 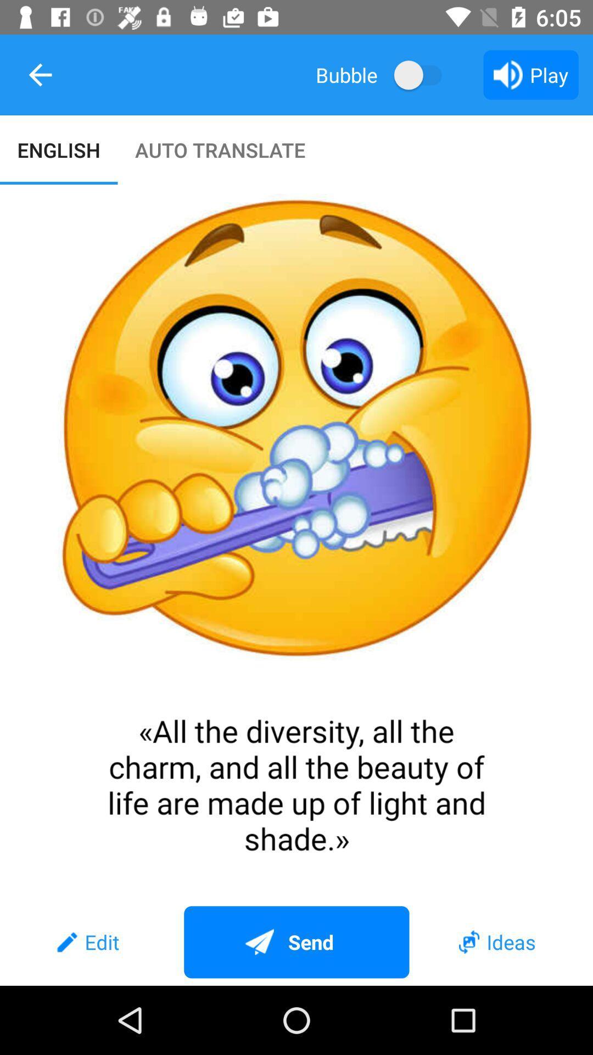 What do you see at coordinates (469, 941) in the screenshot?
I see `icon before ideas text` at bounding box center [469, 941].